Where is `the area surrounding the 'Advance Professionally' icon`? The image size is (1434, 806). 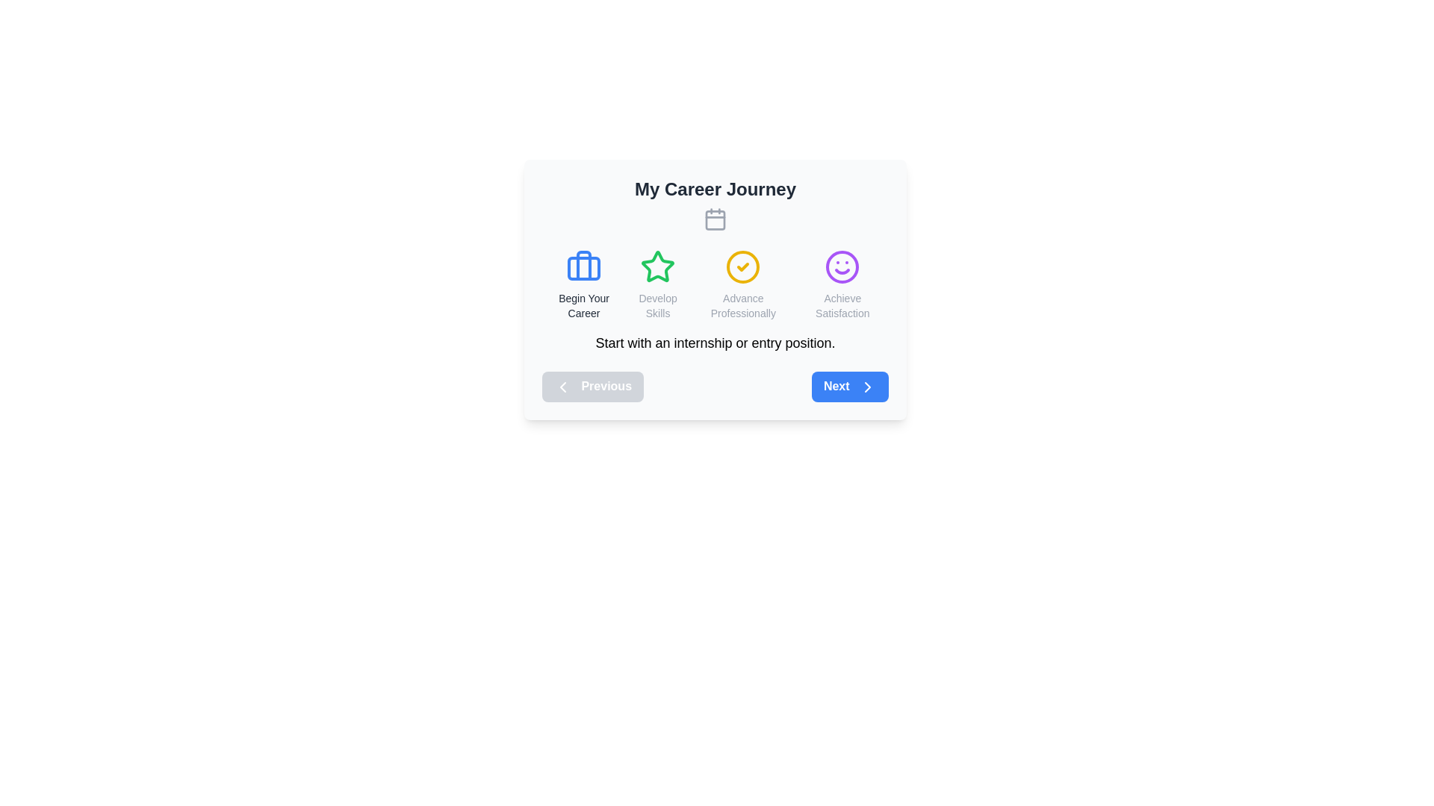
the area surrounding the 'Advance Professionally' icon is located at coordinates (743, 266).